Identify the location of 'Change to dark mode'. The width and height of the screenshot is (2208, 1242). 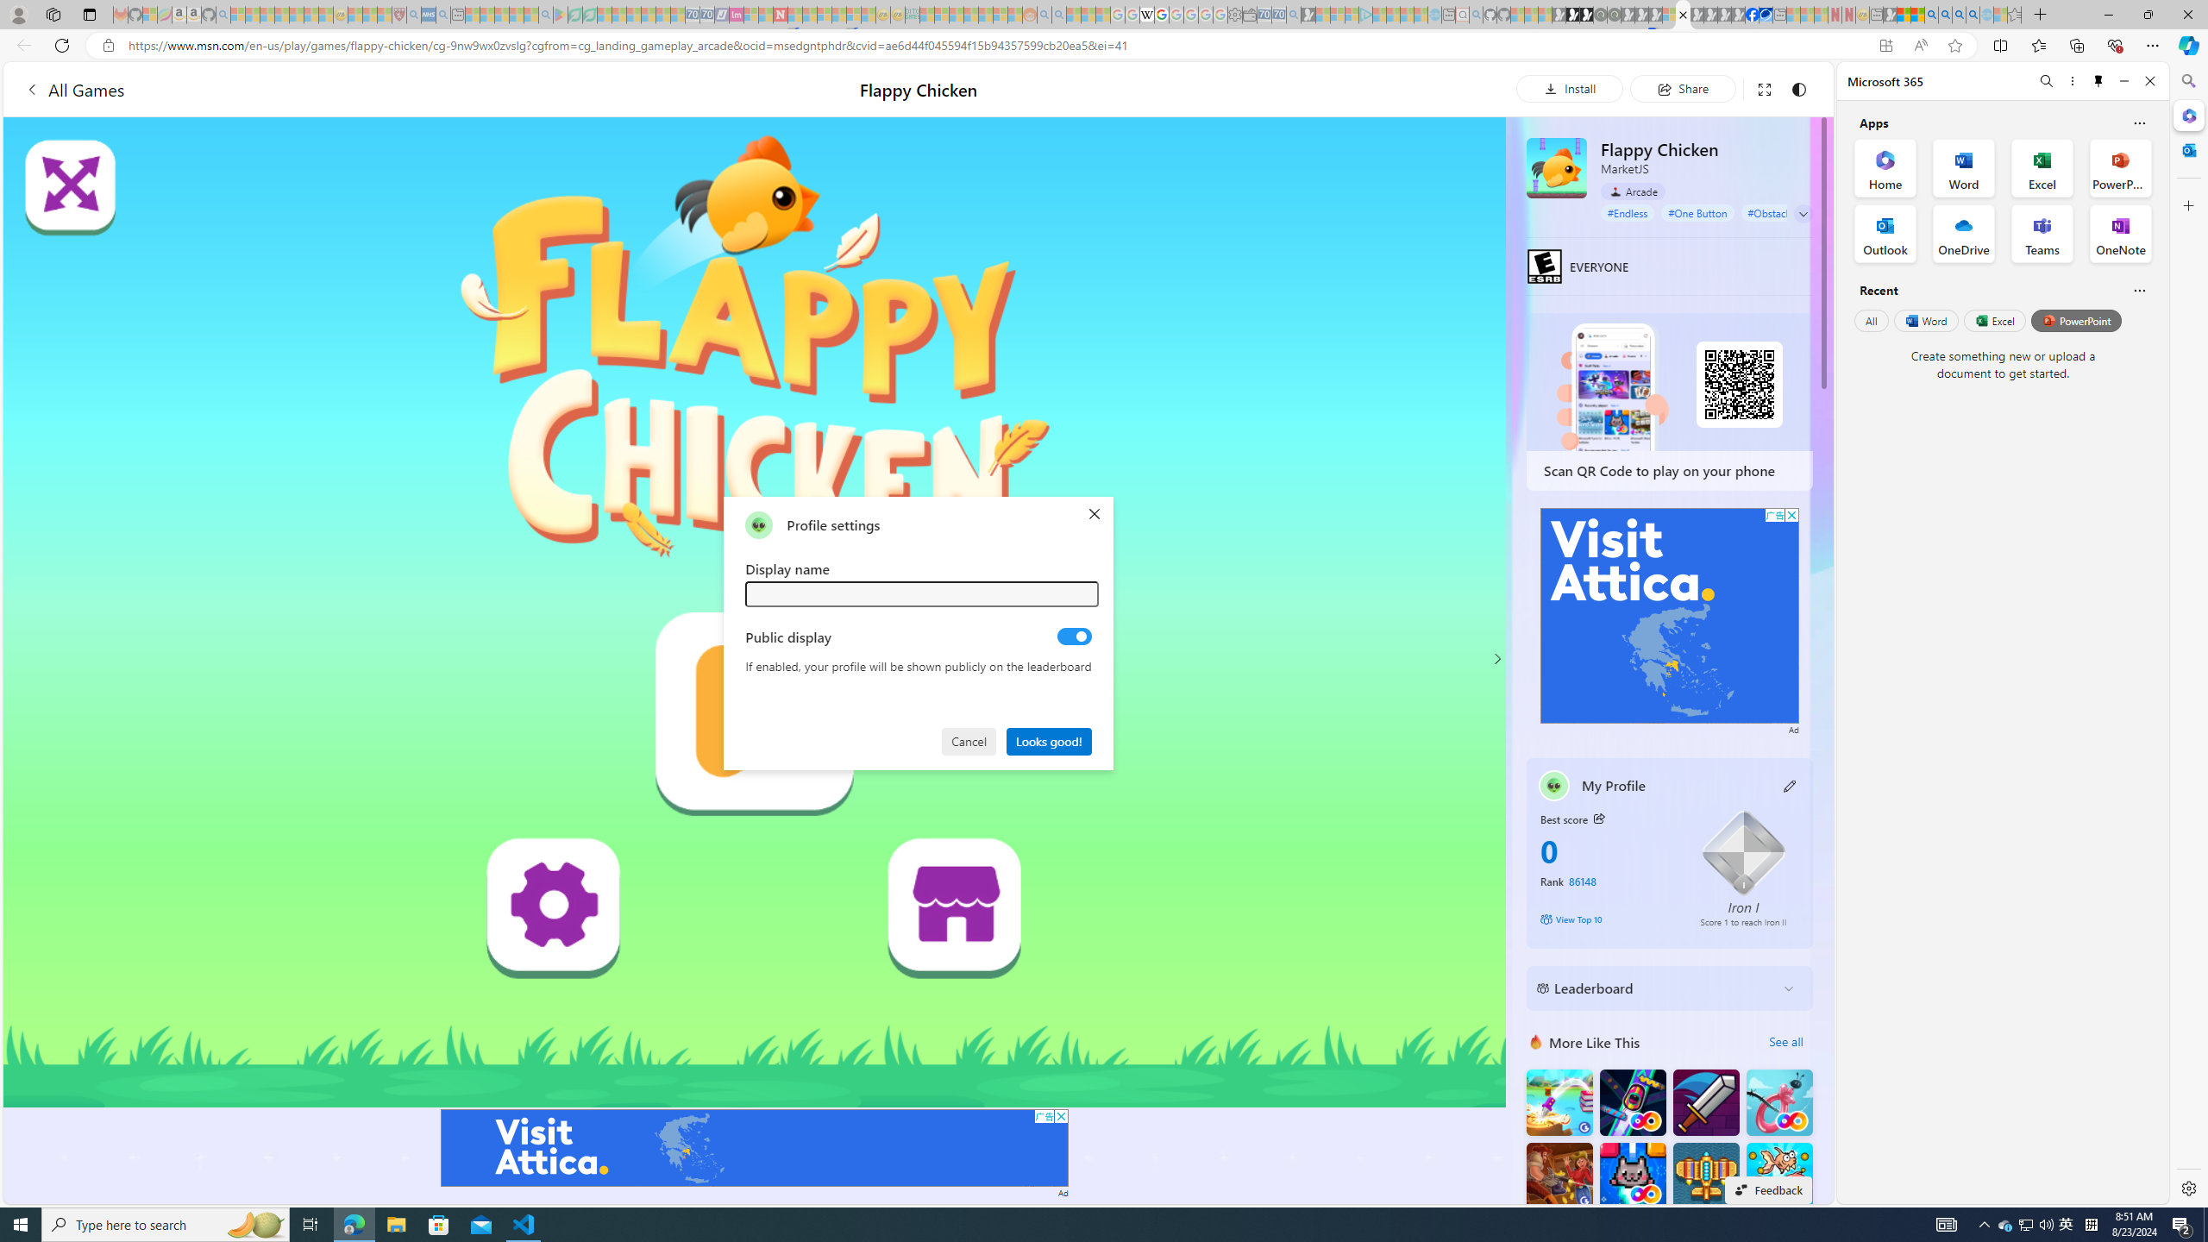
(1797, 88).